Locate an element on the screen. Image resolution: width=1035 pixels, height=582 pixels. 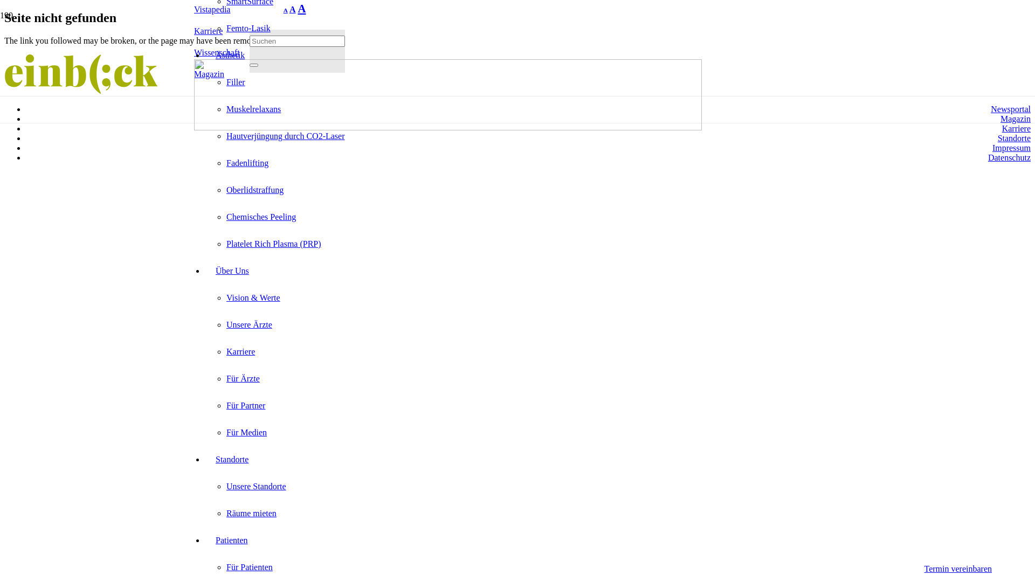
'Patienten' is located at coordinates (231, 540).